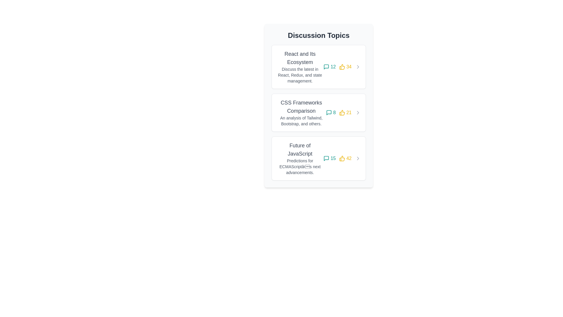  Describe the element at coordinates (342, 66) in the screenshot. I see `the decorative icon representing likes or upvotes next to the number '34' in the 'React and Its Ecosystem' card within the 'Discussion Topics' list` at that location.